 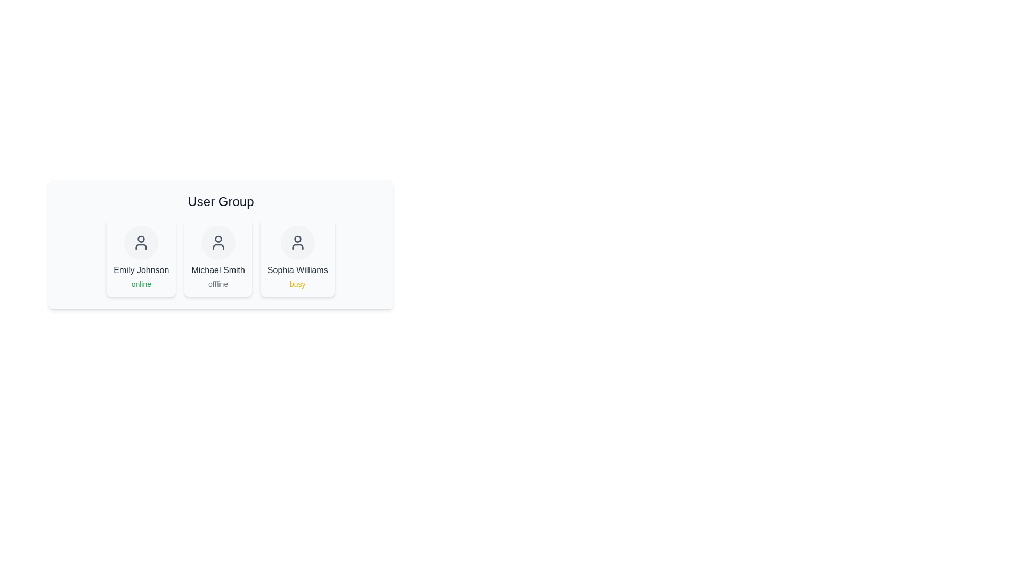 What do you see at coordinates (141, 242) in the screenshot?
I see `the user icon representing Emily Johnson, which is positioned above the text 'Emily Johnson' and 'online' within the group` at bounding box center [141, 242].